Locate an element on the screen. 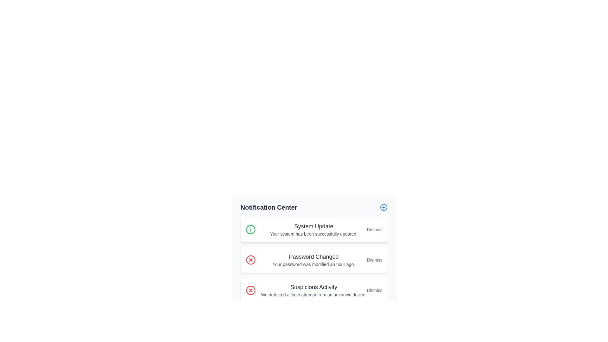 This screenshot has width=608, height=342. text of the bold header displaying 'Notification Center' located at the top of the notification panel is located at coordinates (269, 207).